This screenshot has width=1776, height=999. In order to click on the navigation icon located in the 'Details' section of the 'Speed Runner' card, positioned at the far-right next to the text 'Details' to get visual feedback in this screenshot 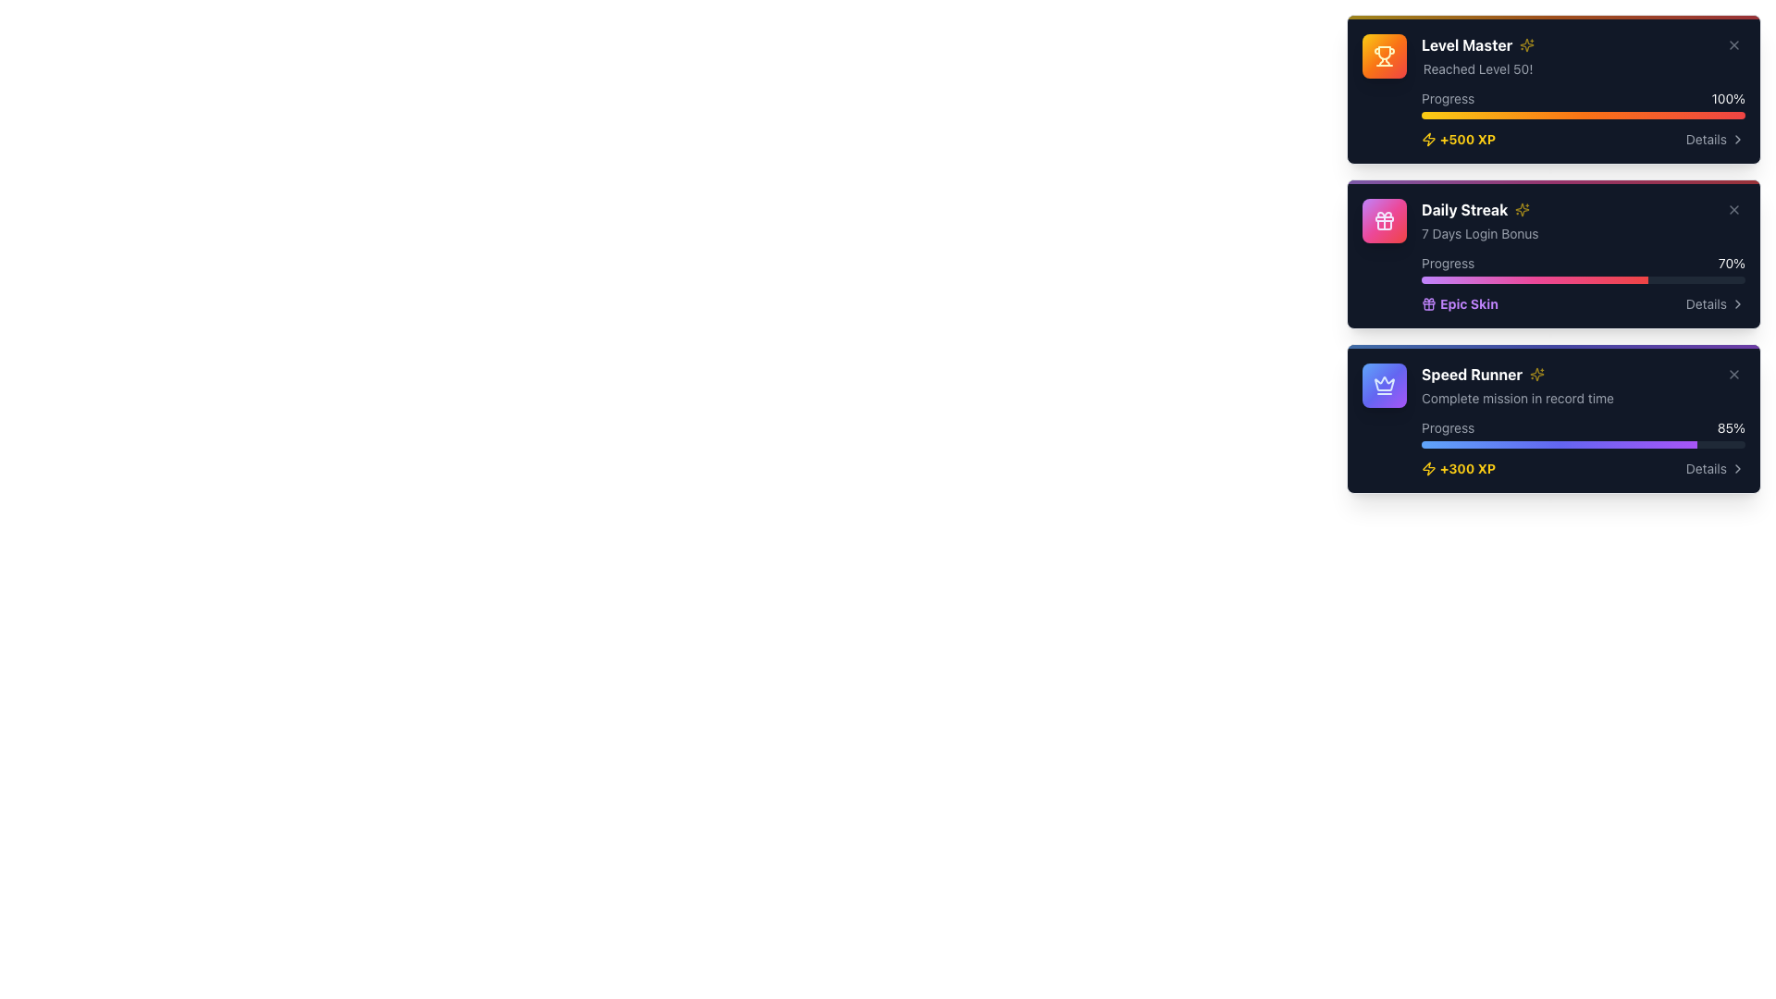, I will do `click(1736, 467)`.